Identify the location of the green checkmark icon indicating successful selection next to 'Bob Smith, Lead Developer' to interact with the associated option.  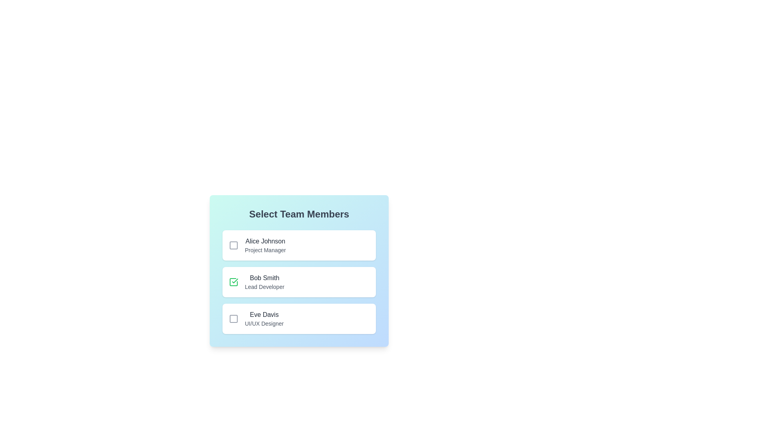
(234, 281).